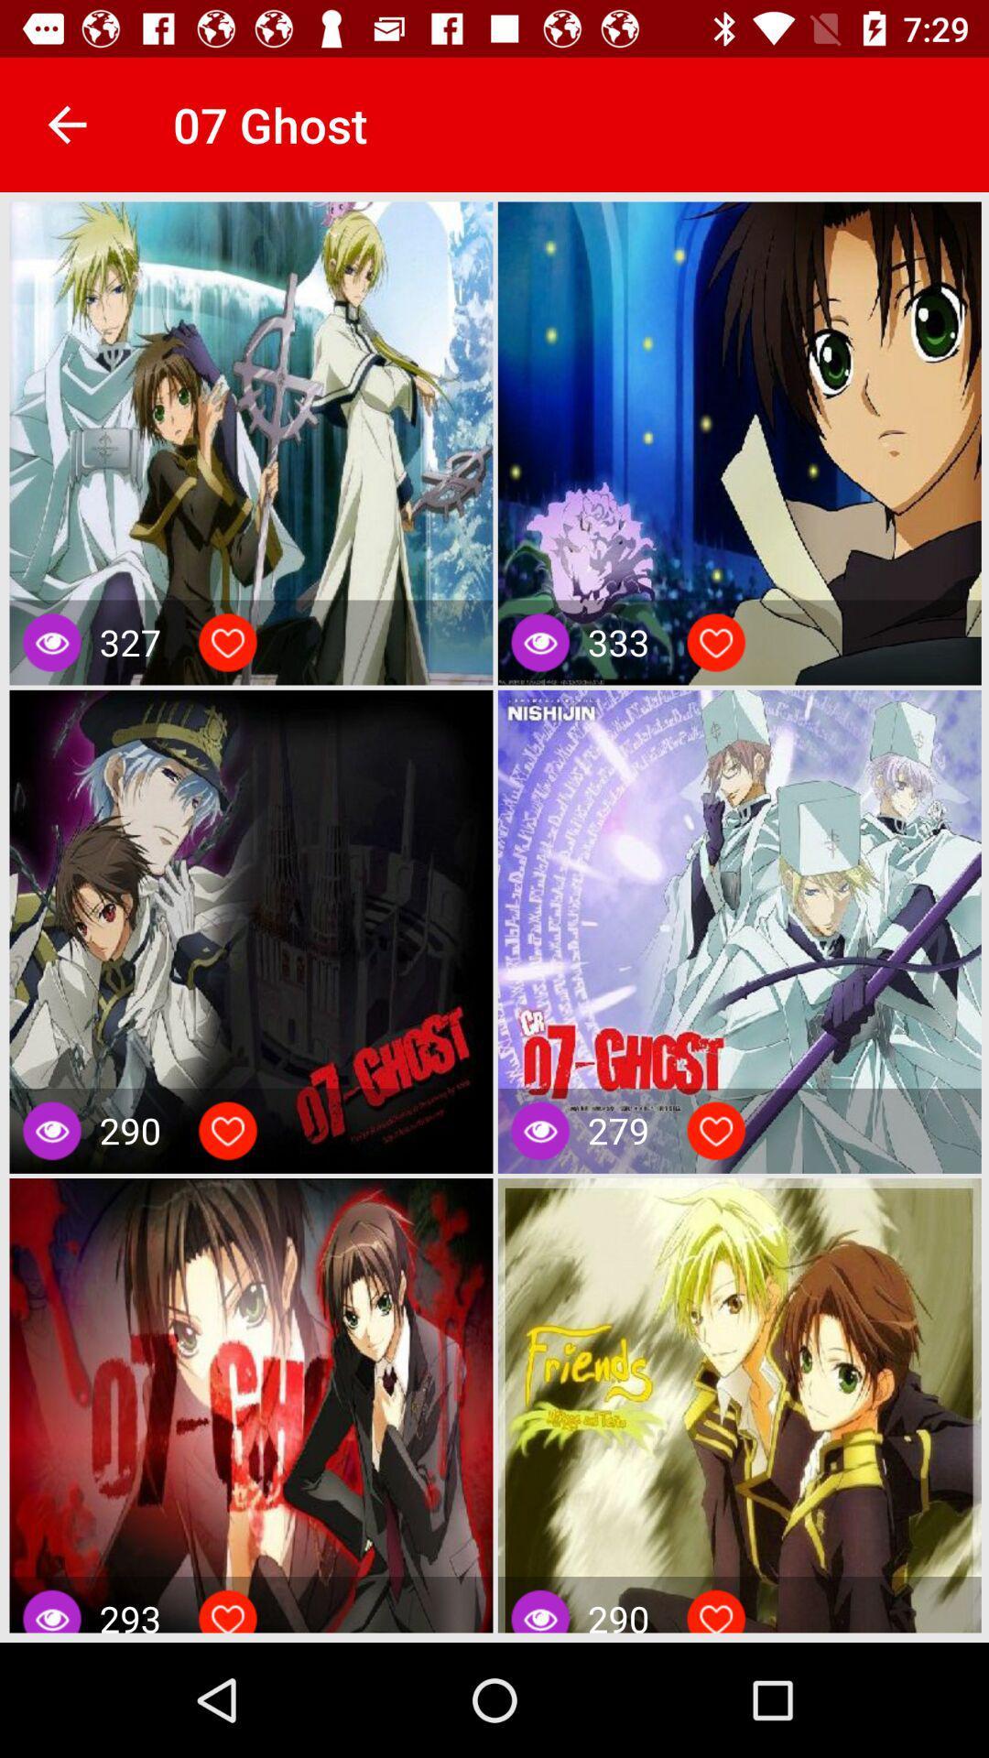  What do you see at coordinates (66, 124) in the screenshot?
I see `the icon next to 07 ghost` at bounding box center [66, 124].